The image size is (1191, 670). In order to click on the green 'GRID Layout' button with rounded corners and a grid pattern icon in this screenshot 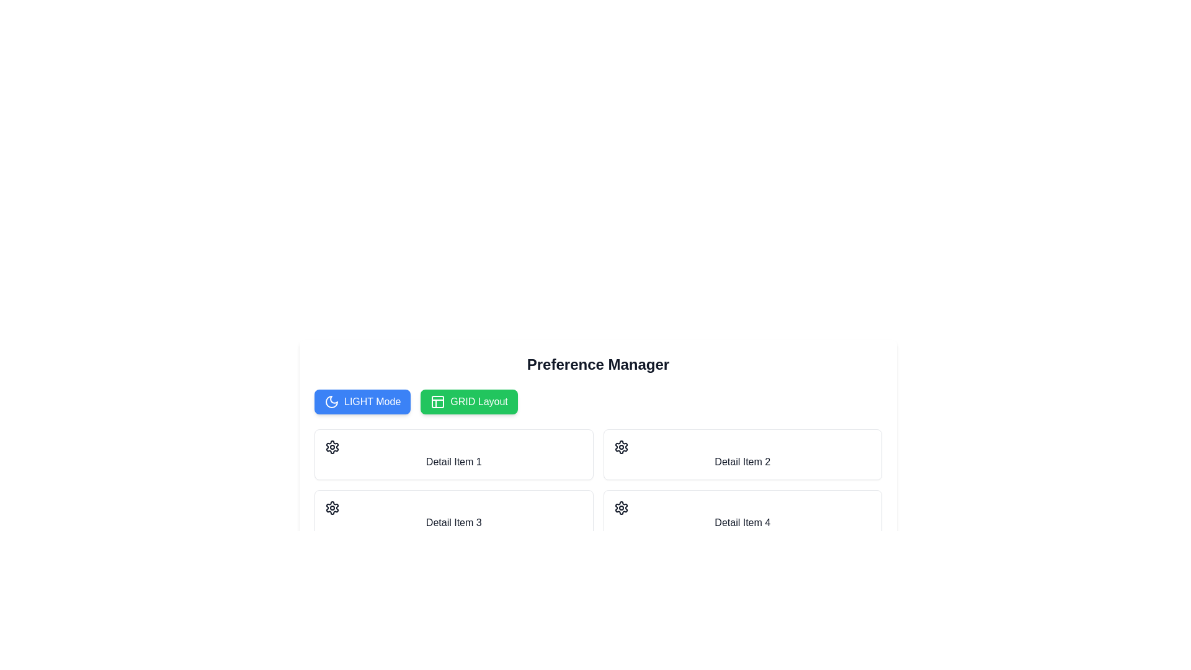, I will do `click(468, 402)`.